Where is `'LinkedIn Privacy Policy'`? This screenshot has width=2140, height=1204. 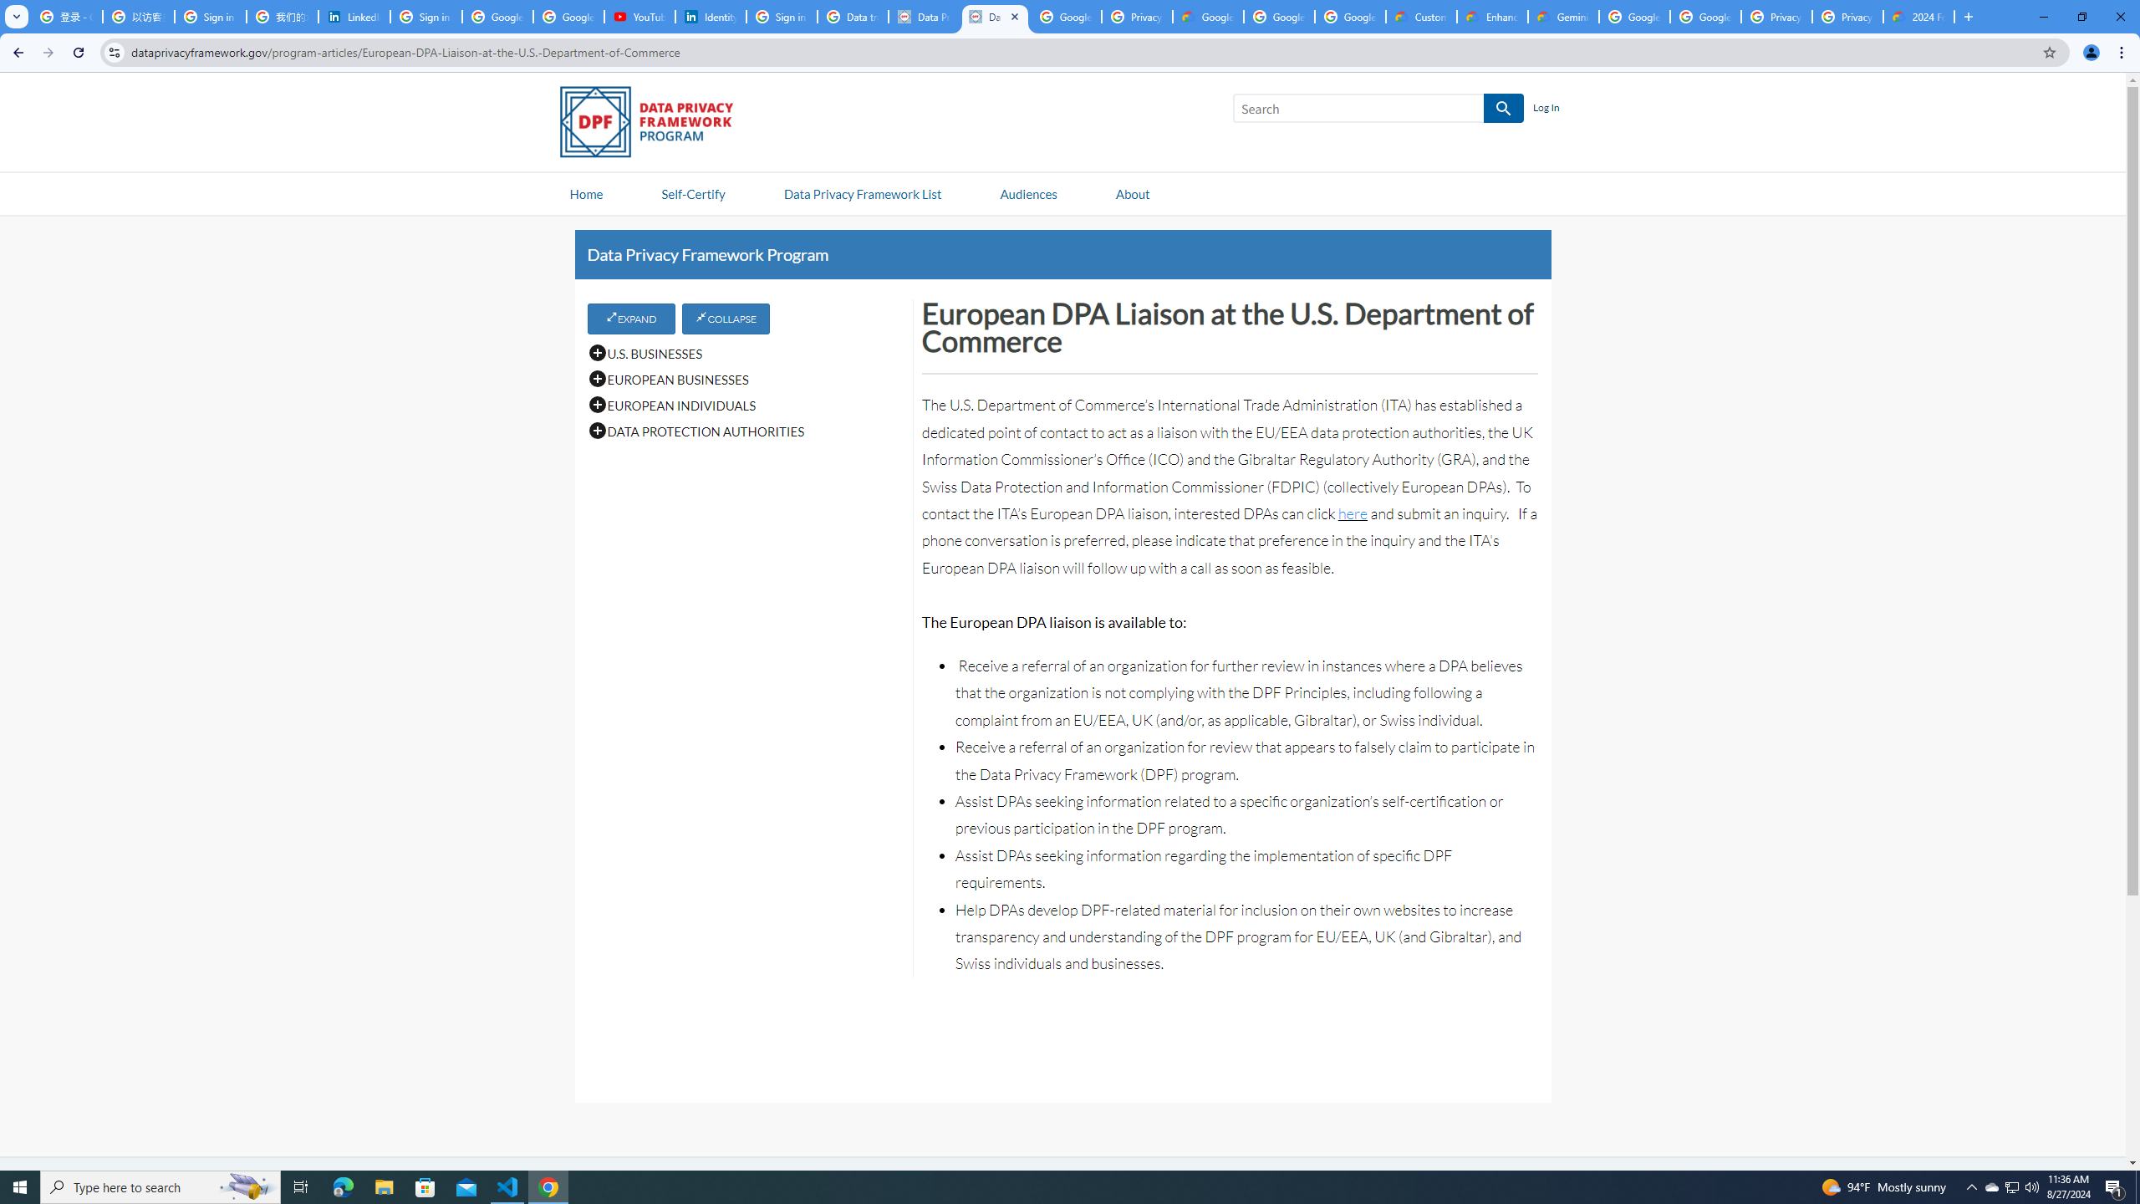
'LinkedIn Privacy Policy' is located at coordinates (354, 16).